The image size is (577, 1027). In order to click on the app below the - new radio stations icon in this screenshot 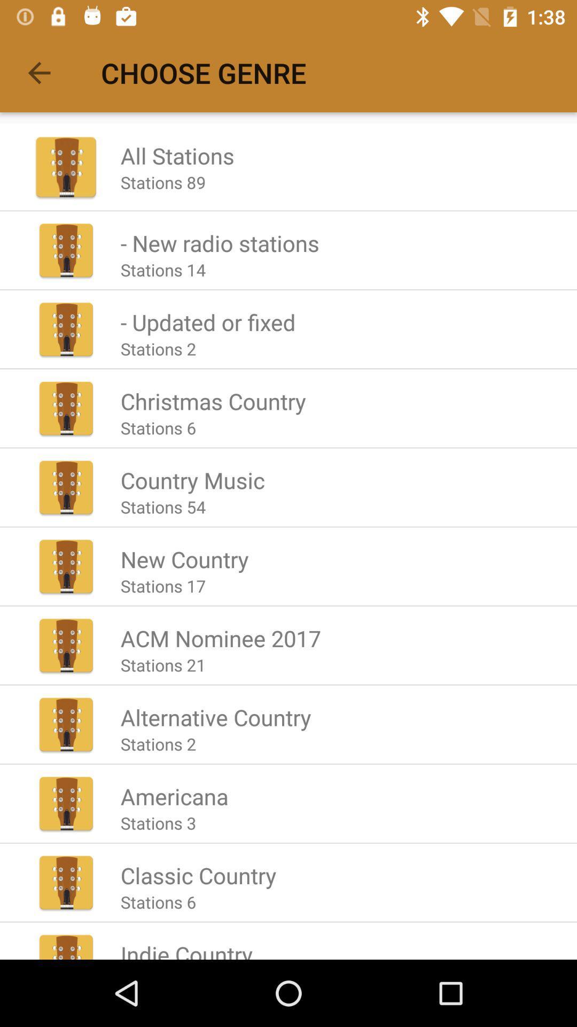, I will do `click(163, 270)`.